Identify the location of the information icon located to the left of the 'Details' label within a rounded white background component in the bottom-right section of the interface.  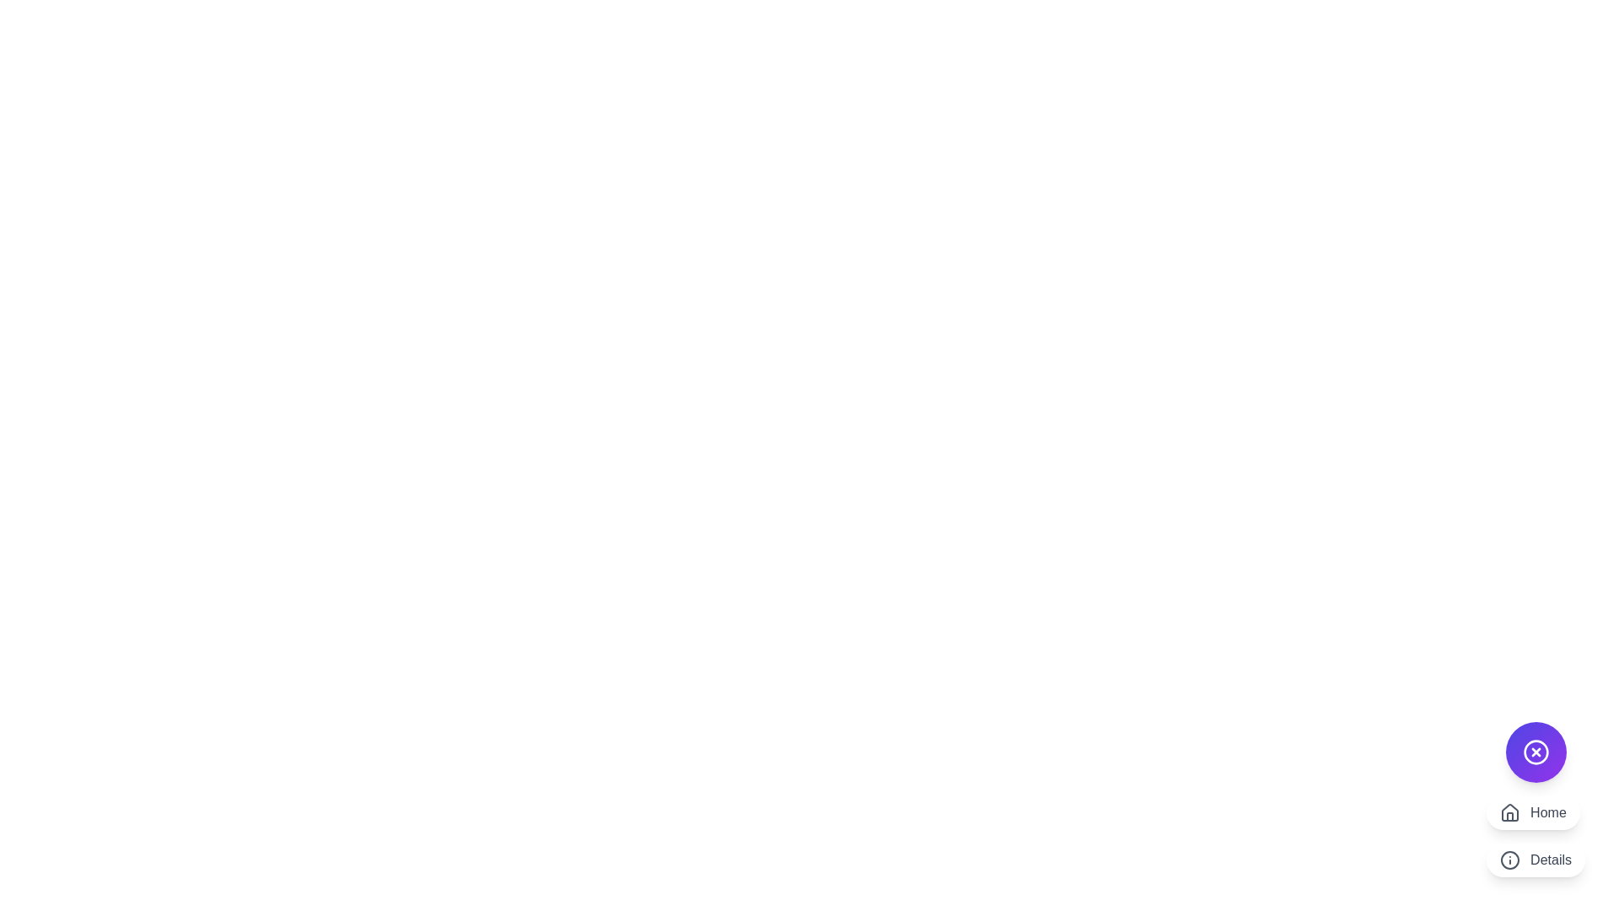
(1510, 860).